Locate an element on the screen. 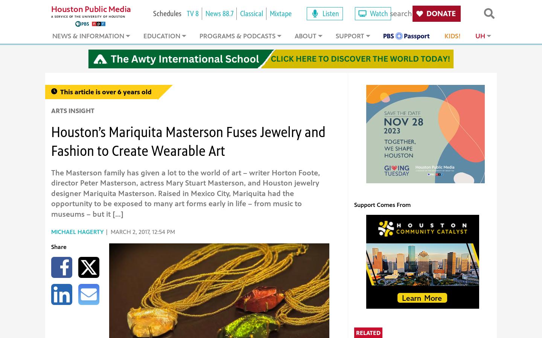 The image size is (542, 338). 'Support' is located at coordinates (350, 36).